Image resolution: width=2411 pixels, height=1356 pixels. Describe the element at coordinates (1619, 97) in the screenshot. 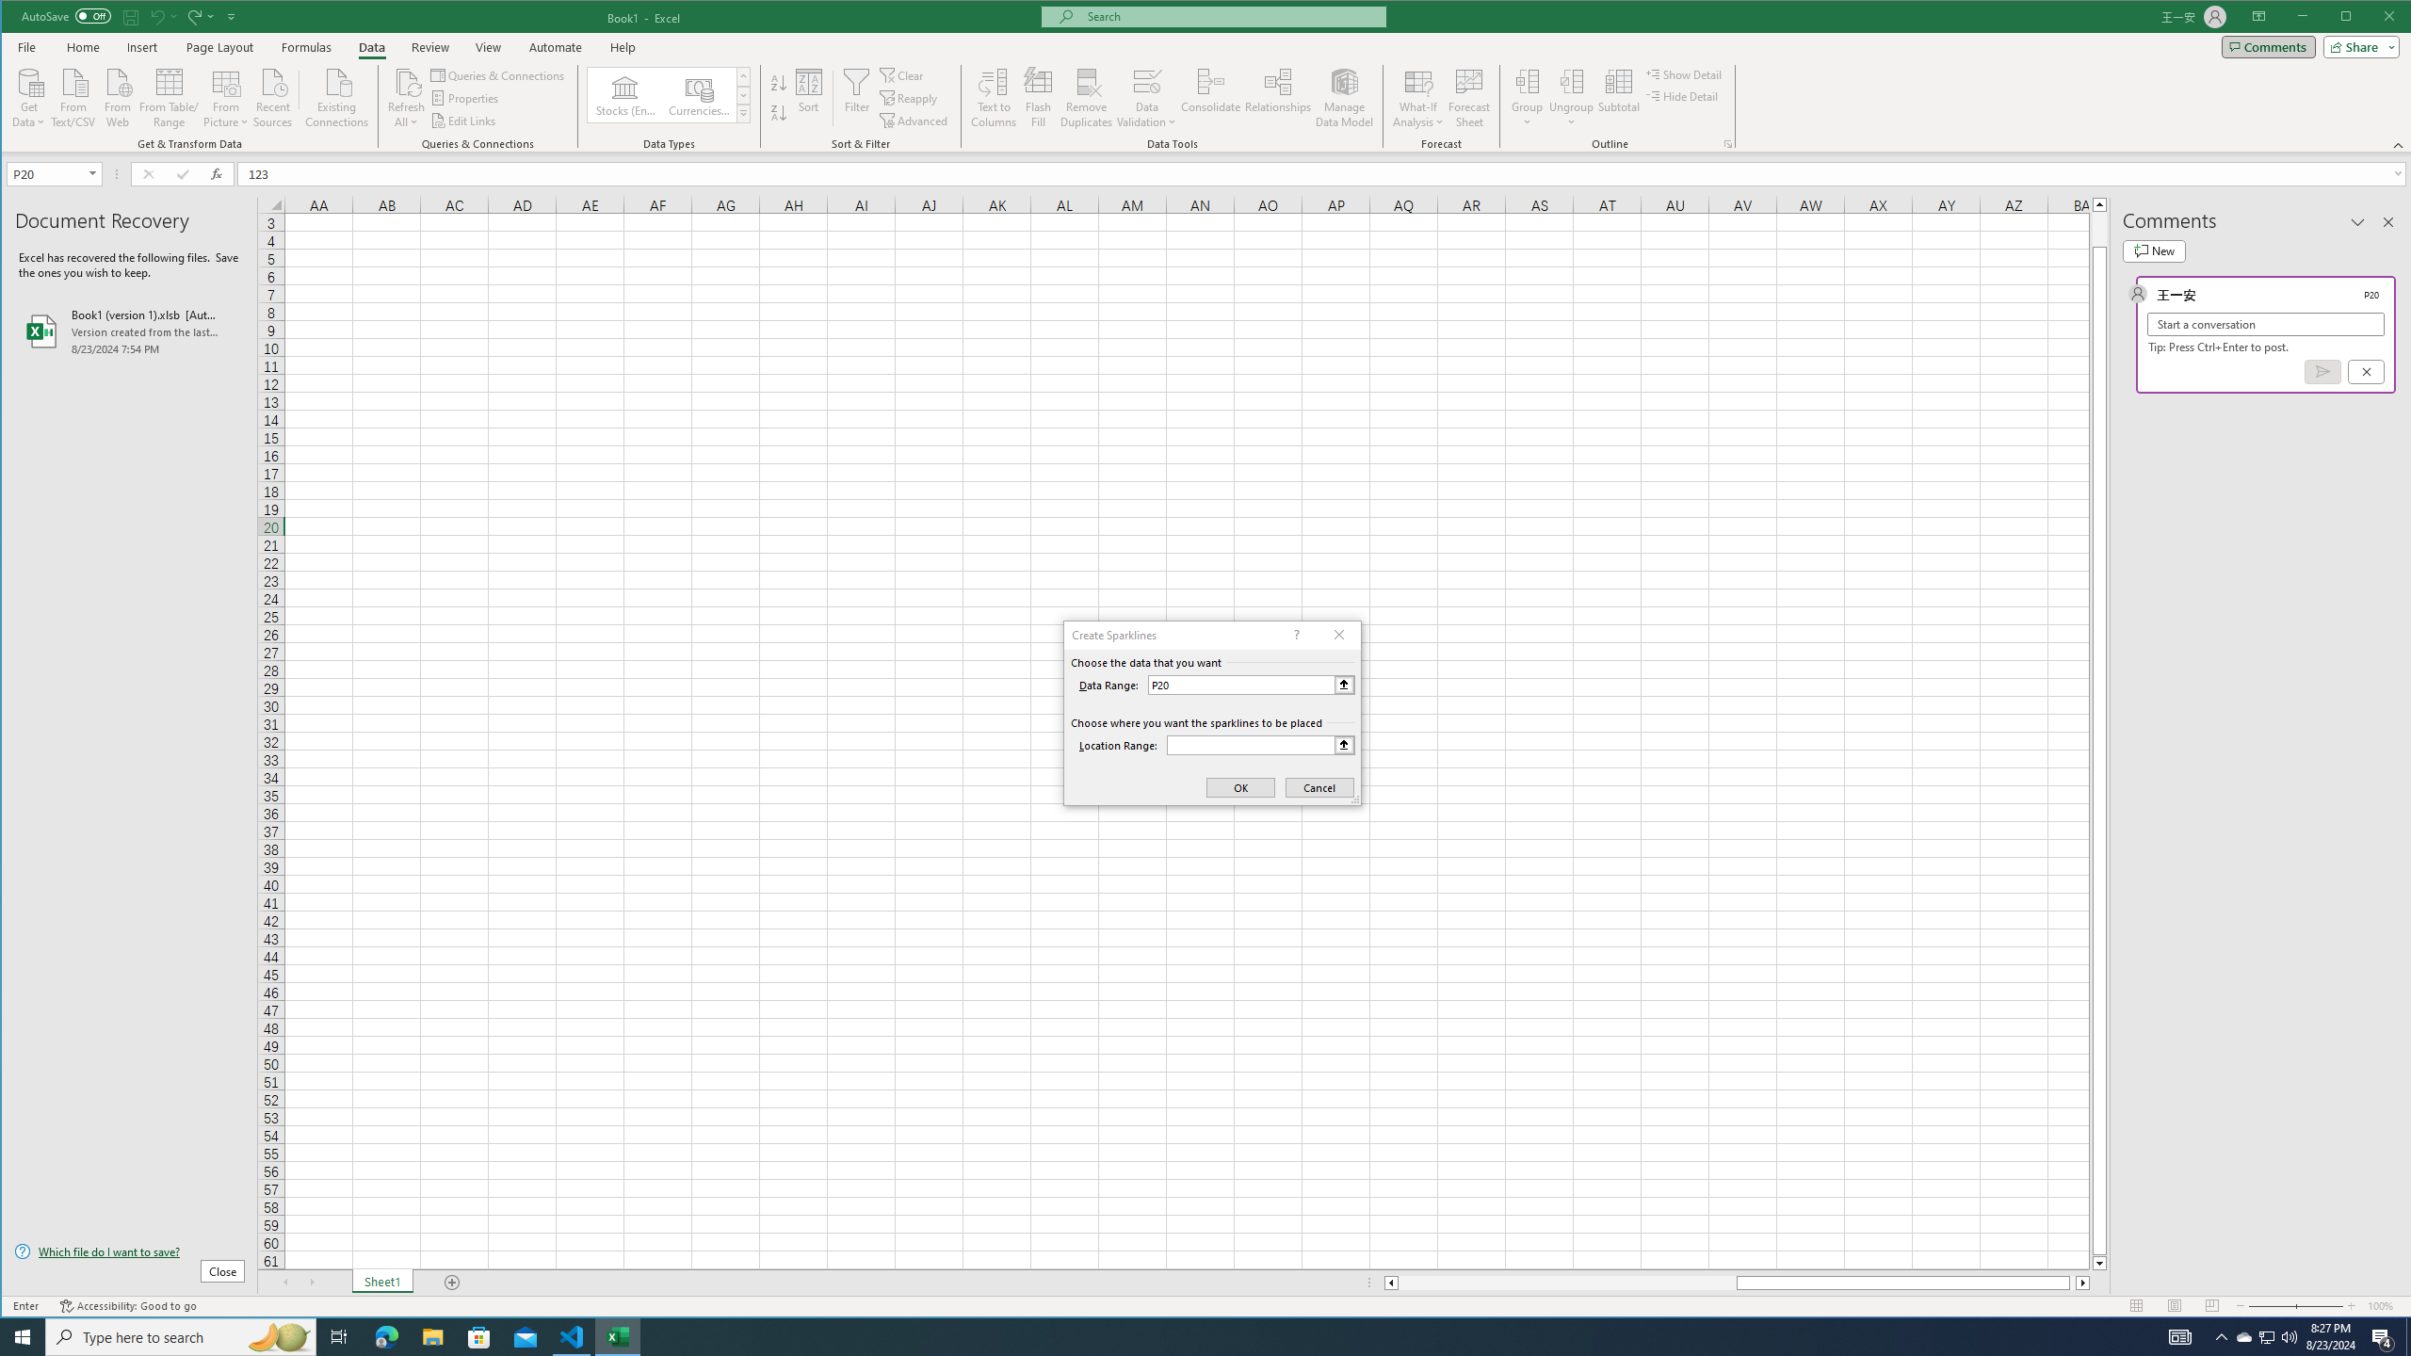

I see `'Subtotal'` at that location.